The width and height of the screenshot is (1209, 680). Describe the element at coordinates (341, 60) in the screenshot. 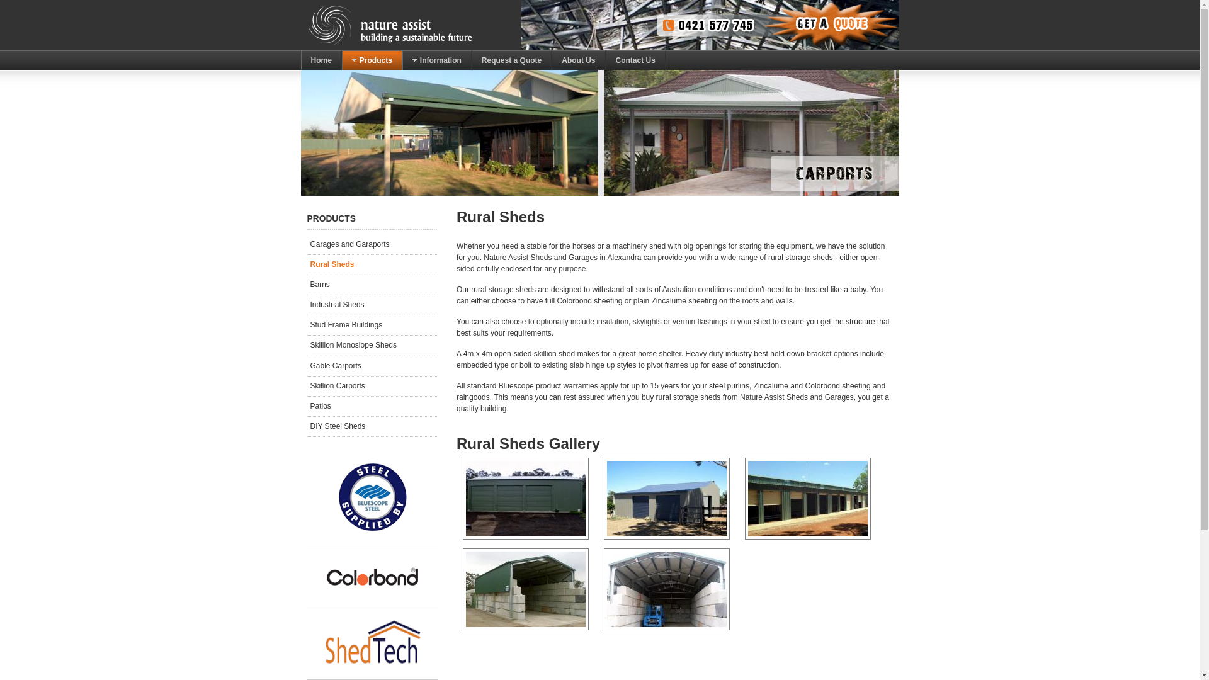

I see `'Products'` at that location.